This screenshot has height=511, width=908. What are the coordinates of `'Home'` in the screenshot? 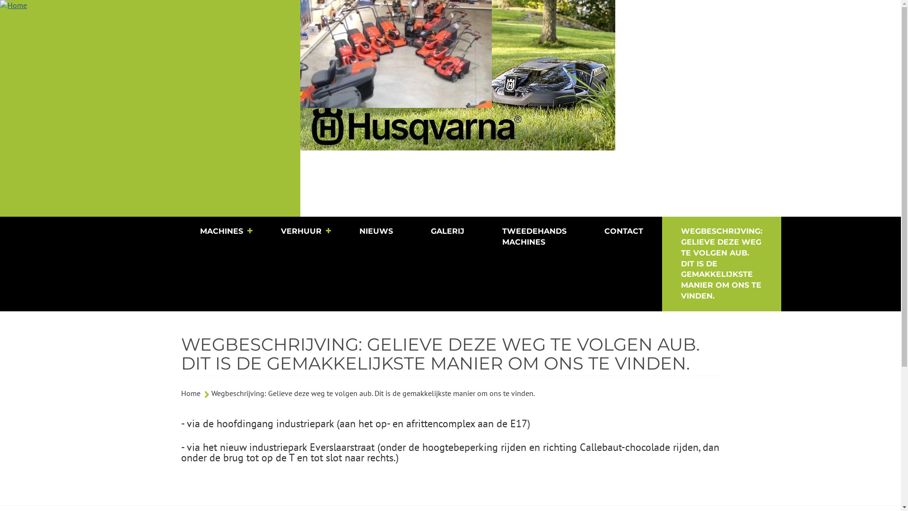 It's located at (149, 107).